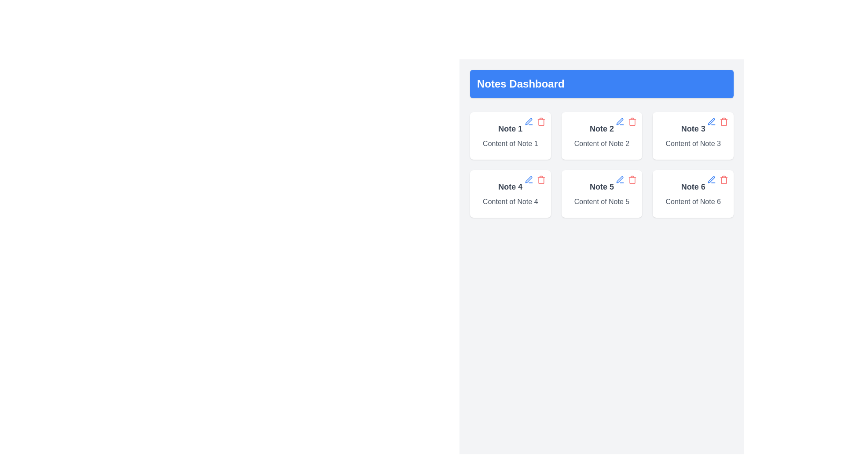 Image resolution: width=845 pixels, height=475 pixels. Describe the element at coordinates (632, 122) in the screenshot. I see `the red-colored trash icon in the top-right corner of the 'Note 2' card` at that location.